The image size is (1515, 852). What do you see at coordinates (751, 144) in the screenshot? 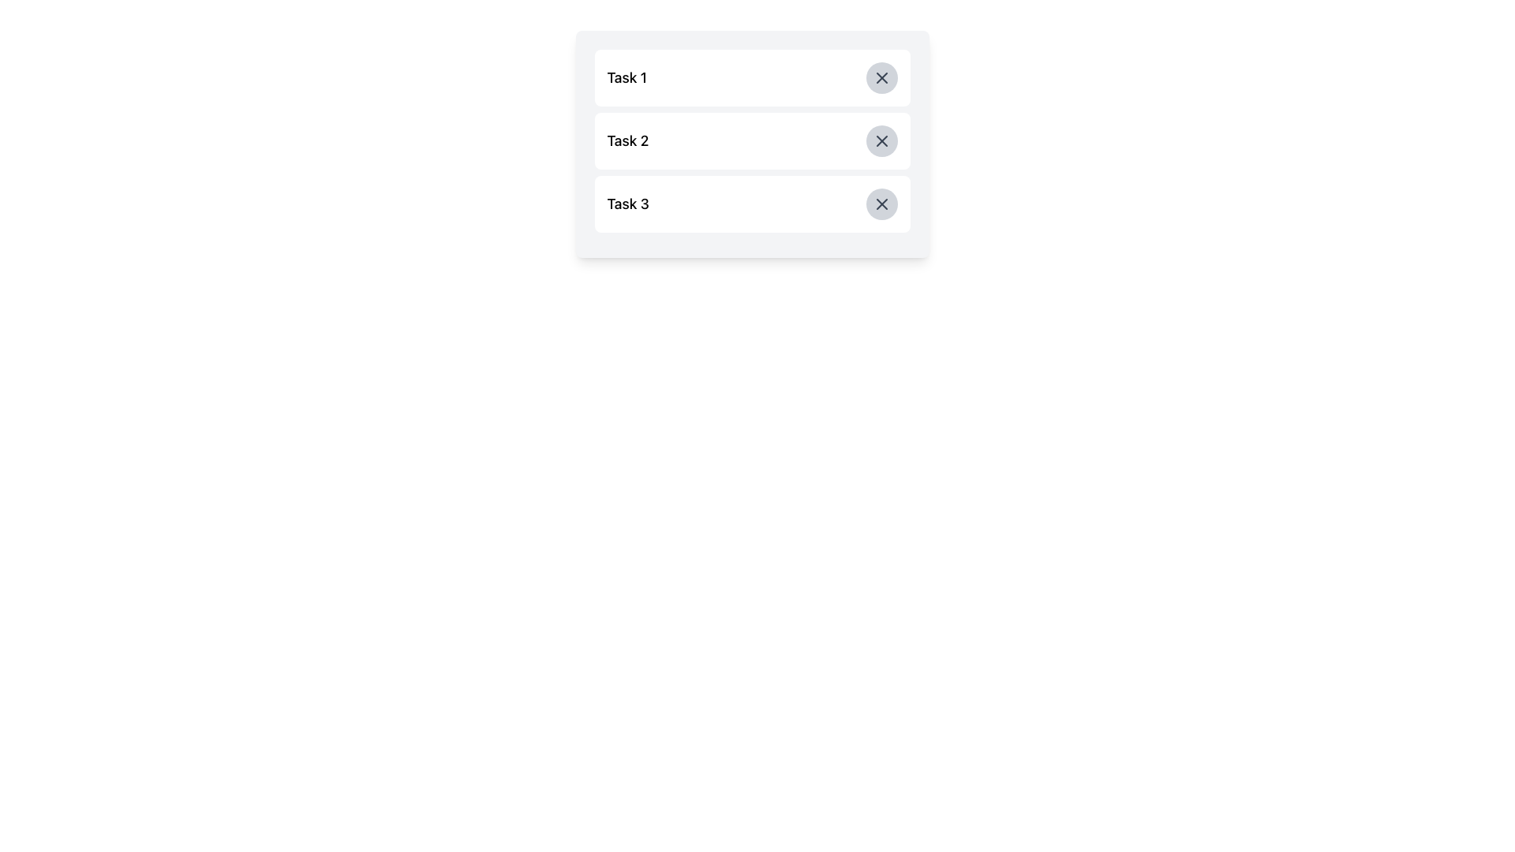
I see `any task in the vertically arranged list of tasks` at bounding box center [751, 144].